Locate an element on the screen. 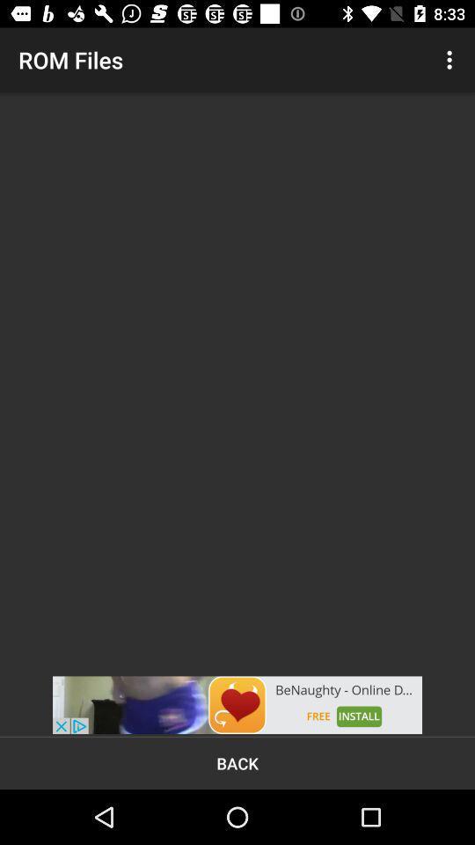 The width and height of the screenshot is (475, 845). install app is located at coordinates (237, 705).